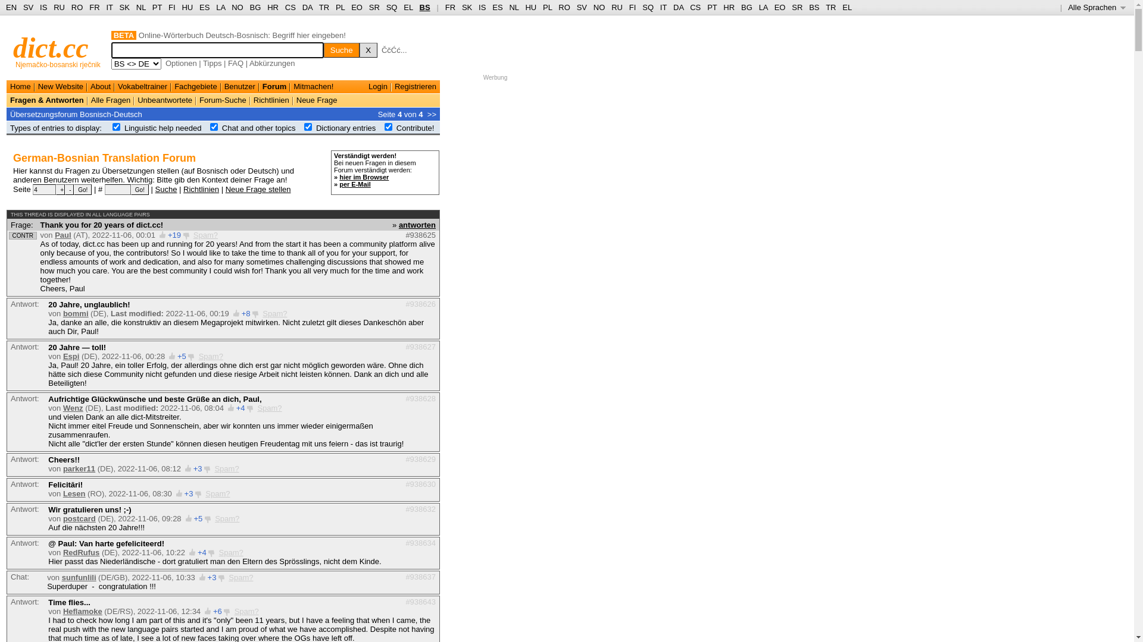 The image size is (1143, 642). Describe the element at coordinates (142, 86) in the screenshot. I see `'Vokabeltrainer'` at that location.